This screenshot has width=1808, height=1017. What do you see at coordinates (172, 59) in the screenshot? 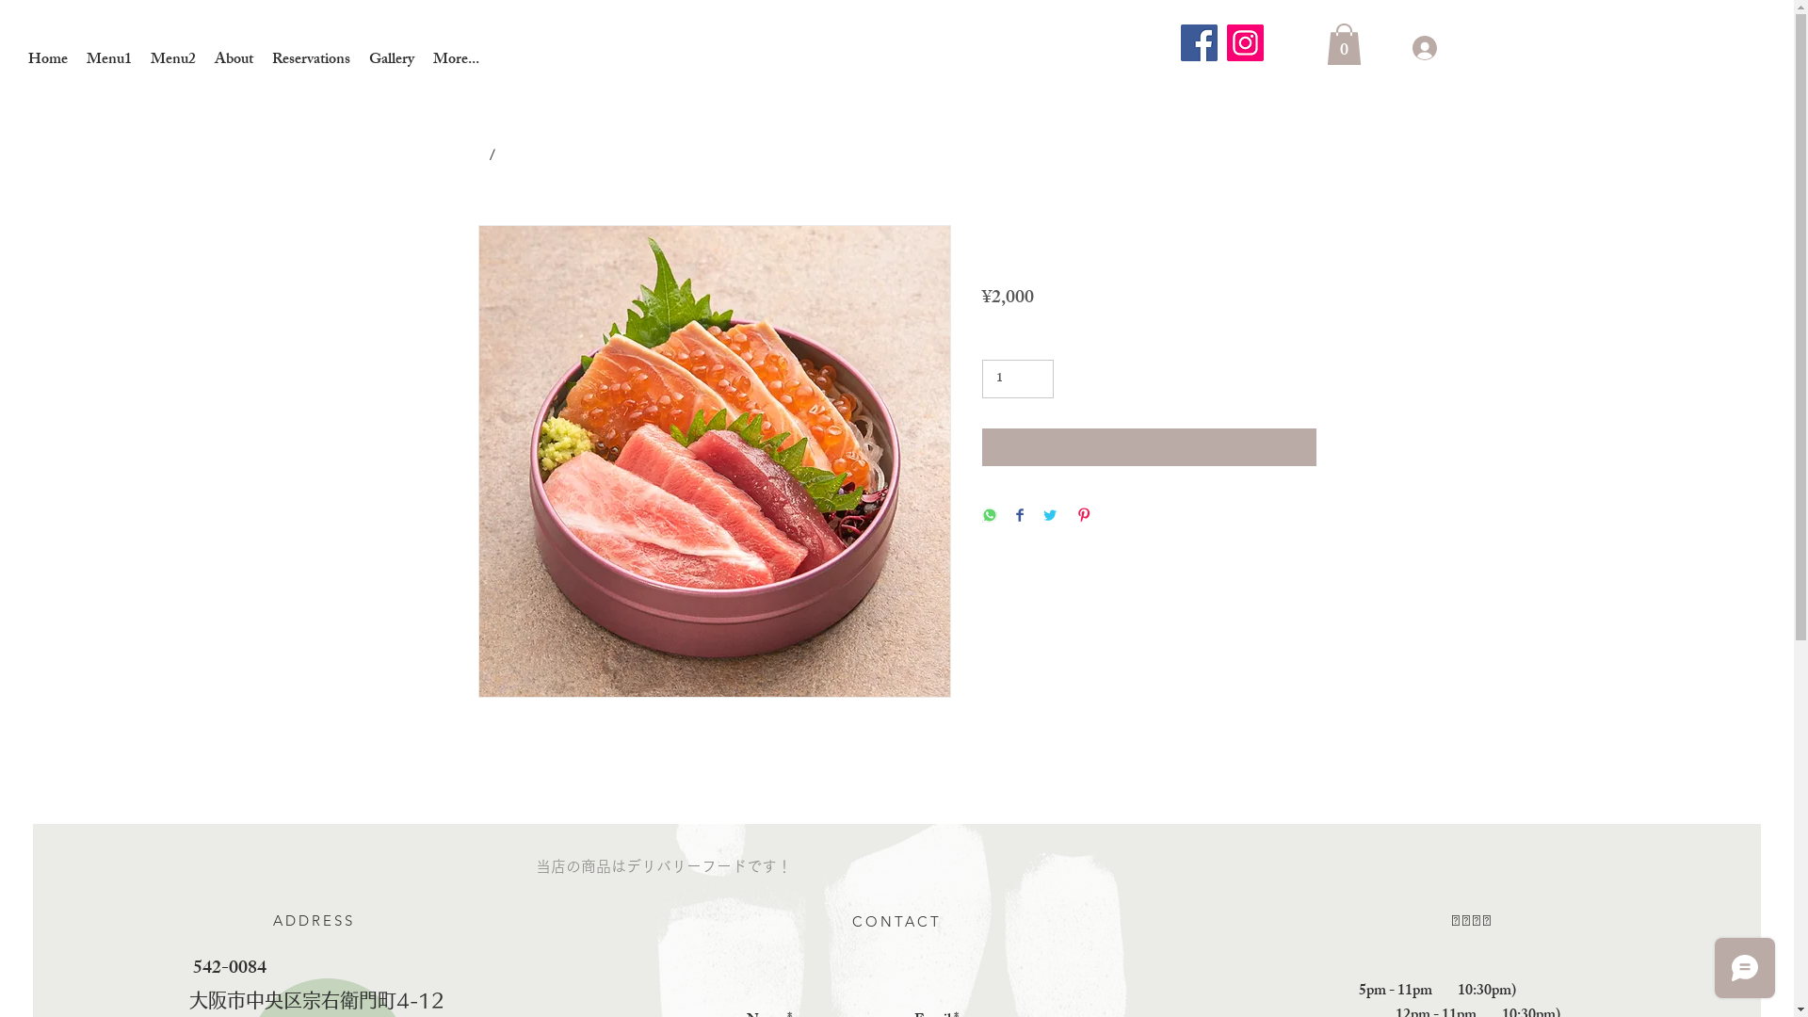
I see `'Menu2'` at bounding box center [172, 59].